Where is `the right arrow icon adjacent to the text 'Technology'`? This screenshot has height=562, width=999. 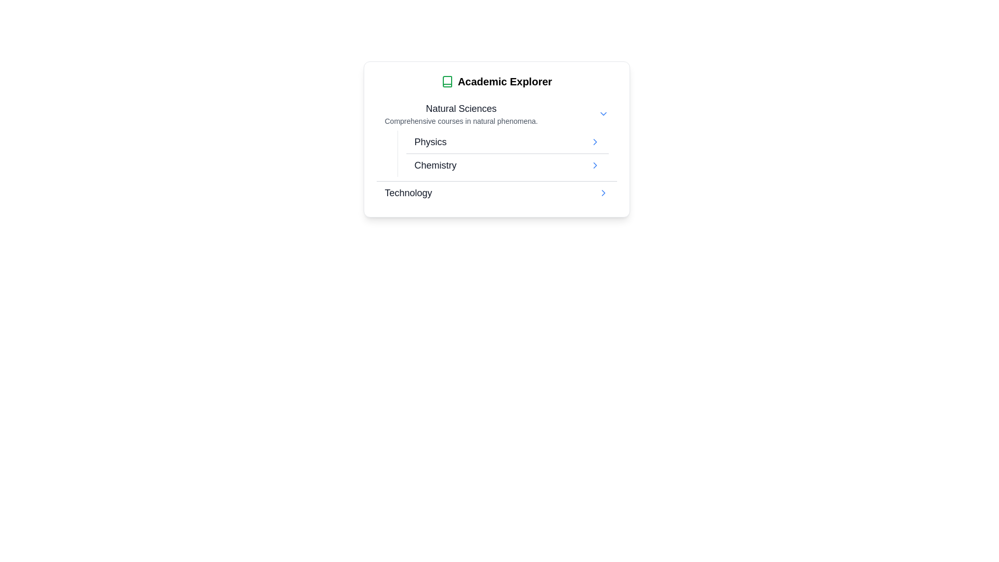 the right arrow icon adjacent to the text 'Technology' is located at coordinates (603, 193).